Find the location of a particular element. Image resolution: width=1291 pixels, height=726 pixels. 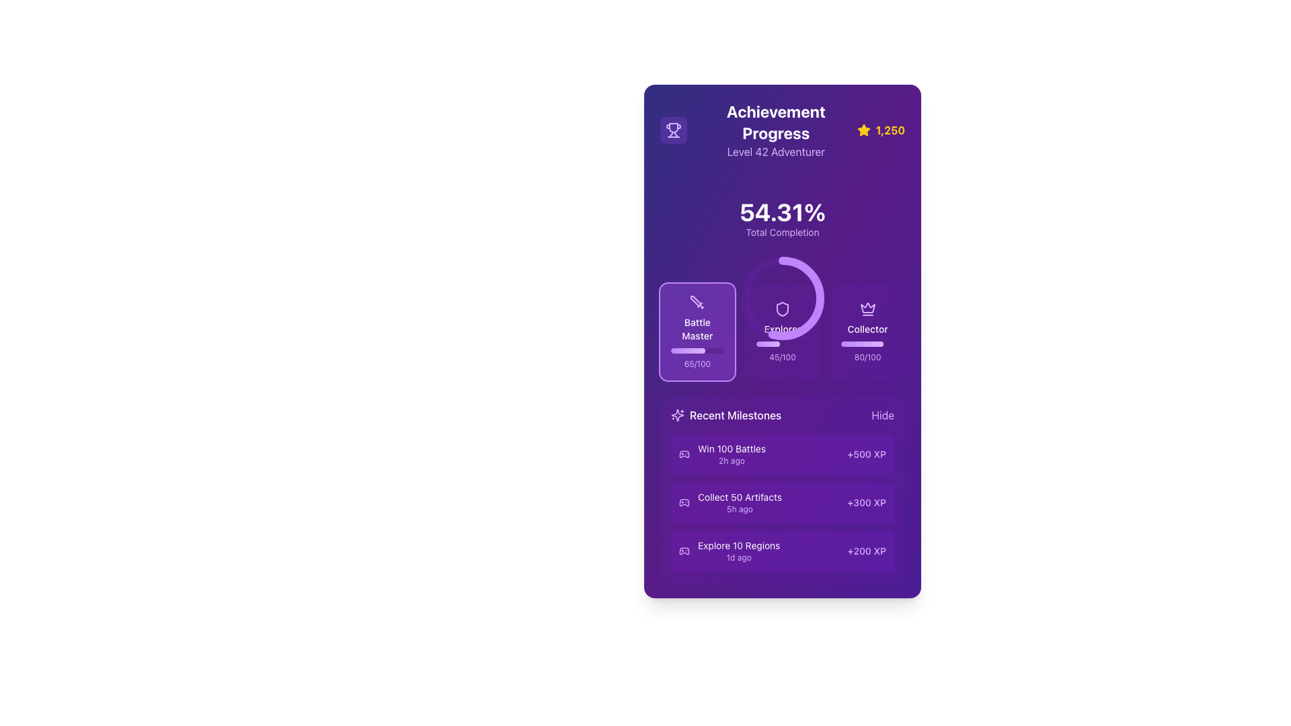

the achievement progress icon located near the top-left corner of the card, adjacent to the title 'Achievement Progress', within a section with a blurred purple background is located at coordinates (674, 130).